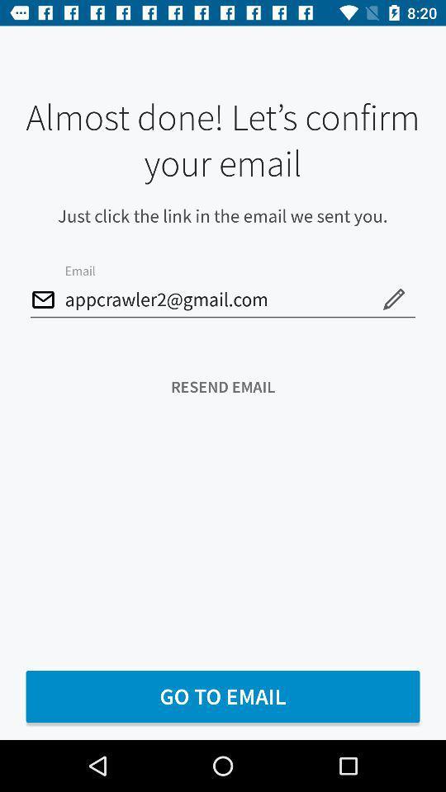 Image resolution: width=446 pixels, height=792 pixels. Describe the element at coordinates (223, 299) in the screenshot. I see `the icon above the resend email icon` at that location.